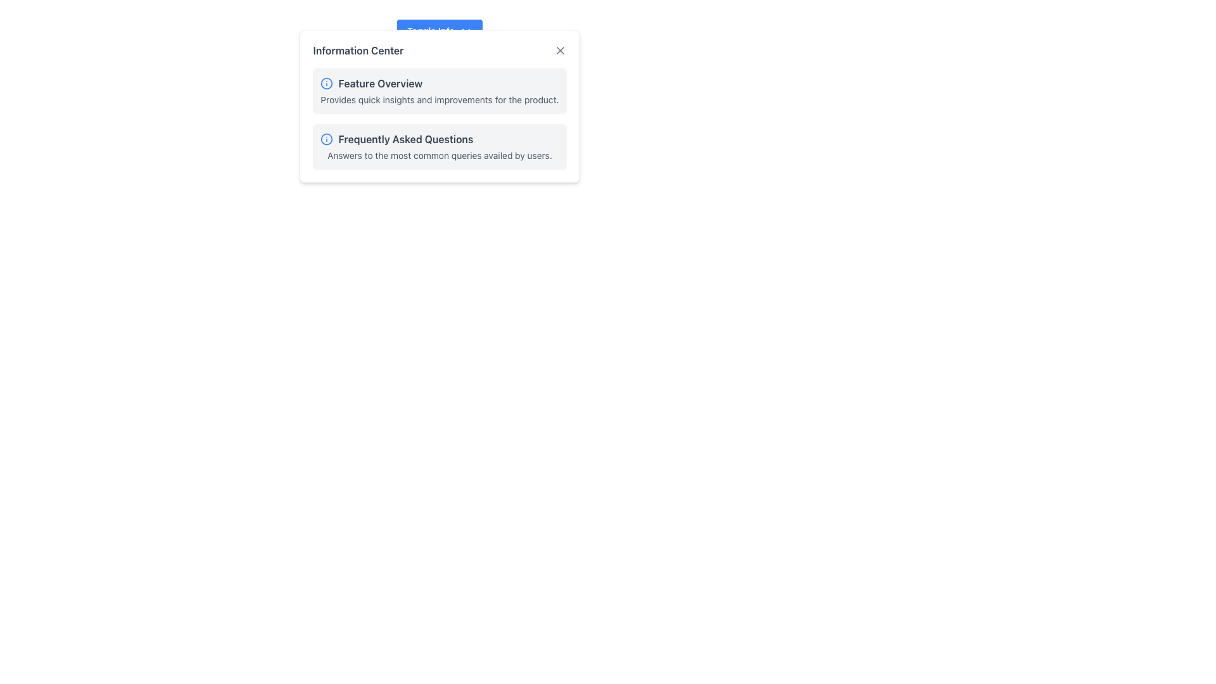 This screenshot has height=684, width=1216. Describe the element at coordinates (440, 146) in the screenshot. I see `the Informational Card located below the 'Feature Overview' card in the 'Information Center' section, which provides information about commonly asked questions` at that location.